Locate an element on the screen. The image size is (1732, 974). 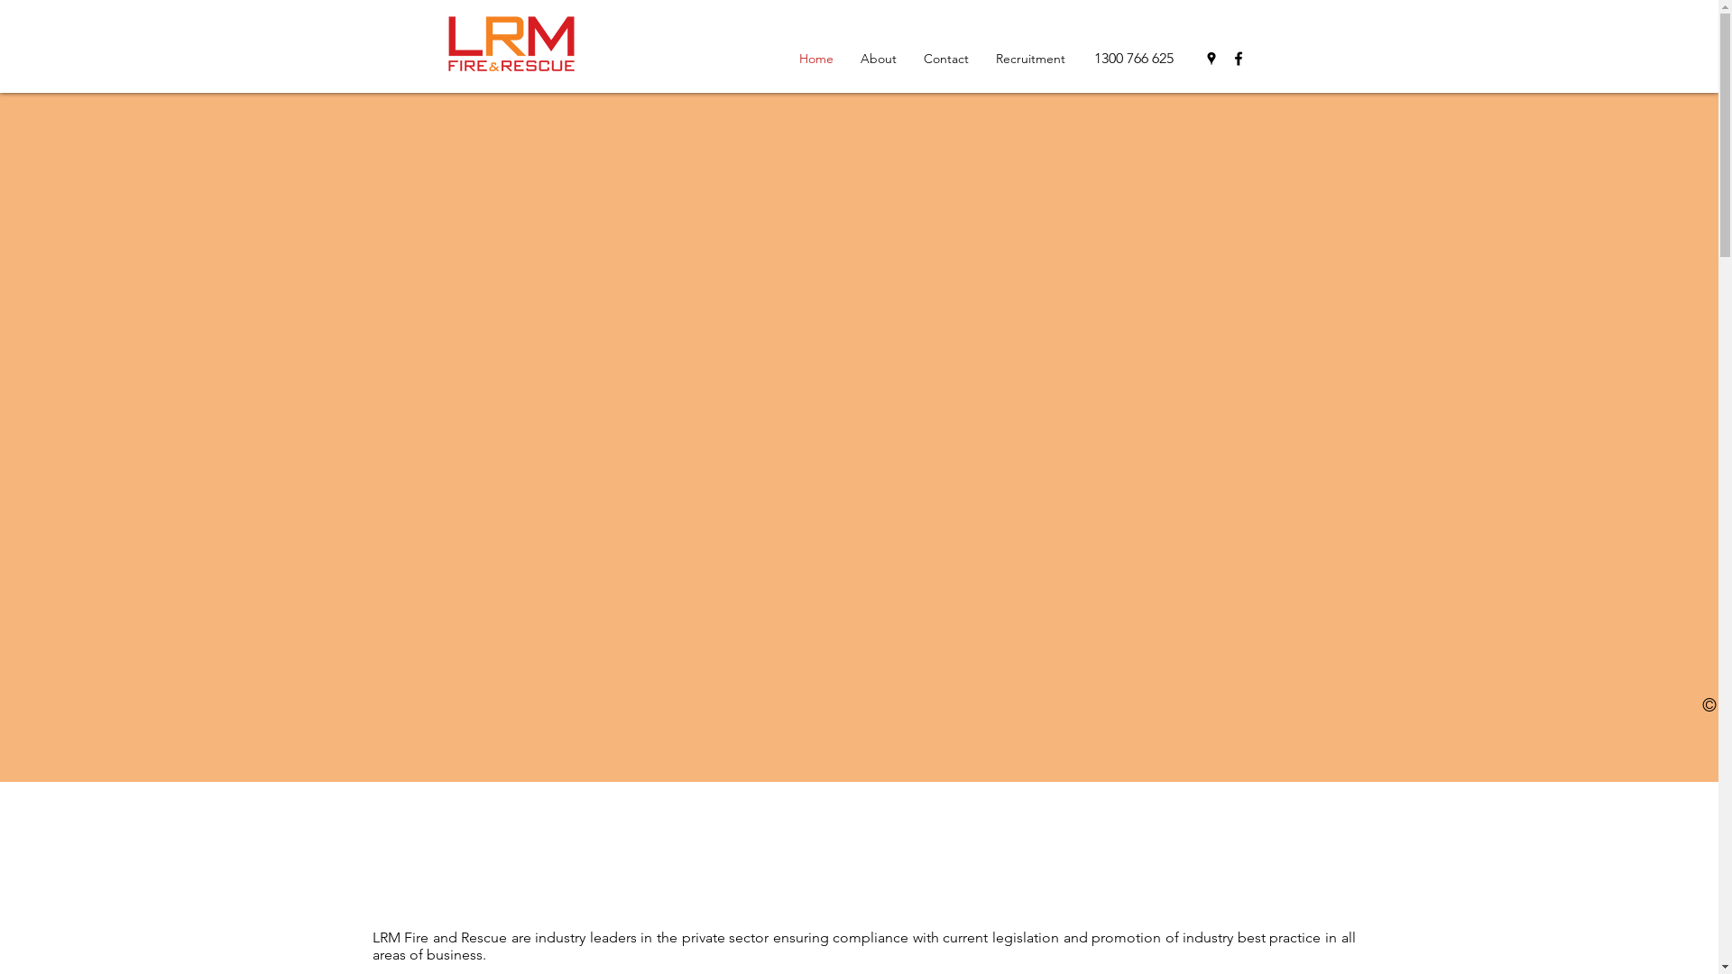
'Recruitment' is located at coordinates (981, 58).